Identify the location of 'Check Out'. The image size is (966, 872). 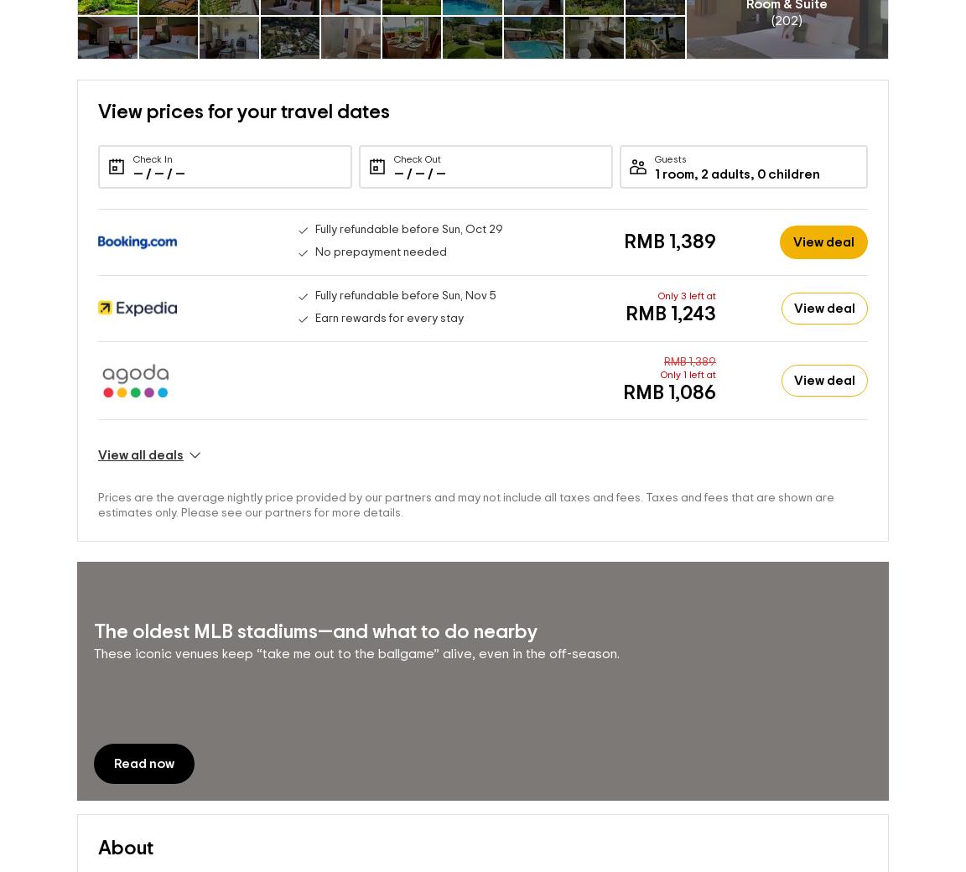
(416, 159).